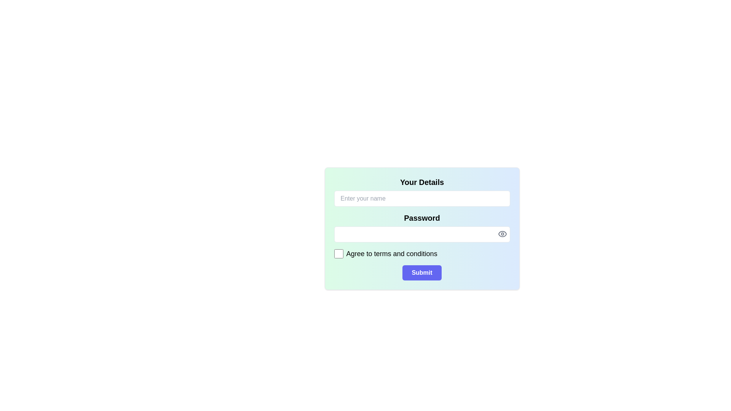  I want to click on the 'Password' label input field, so click(421, 227).